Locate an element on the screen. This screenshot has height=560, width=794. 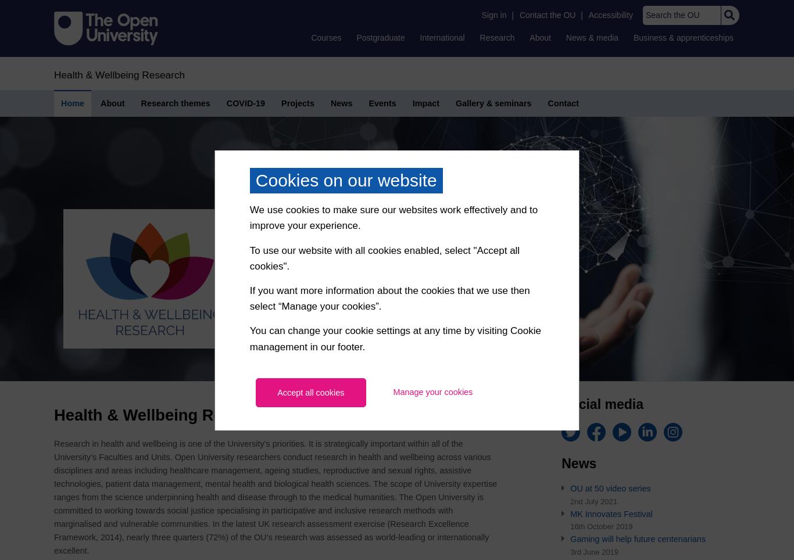
'Sign in' is located at coordinates (493, 15).